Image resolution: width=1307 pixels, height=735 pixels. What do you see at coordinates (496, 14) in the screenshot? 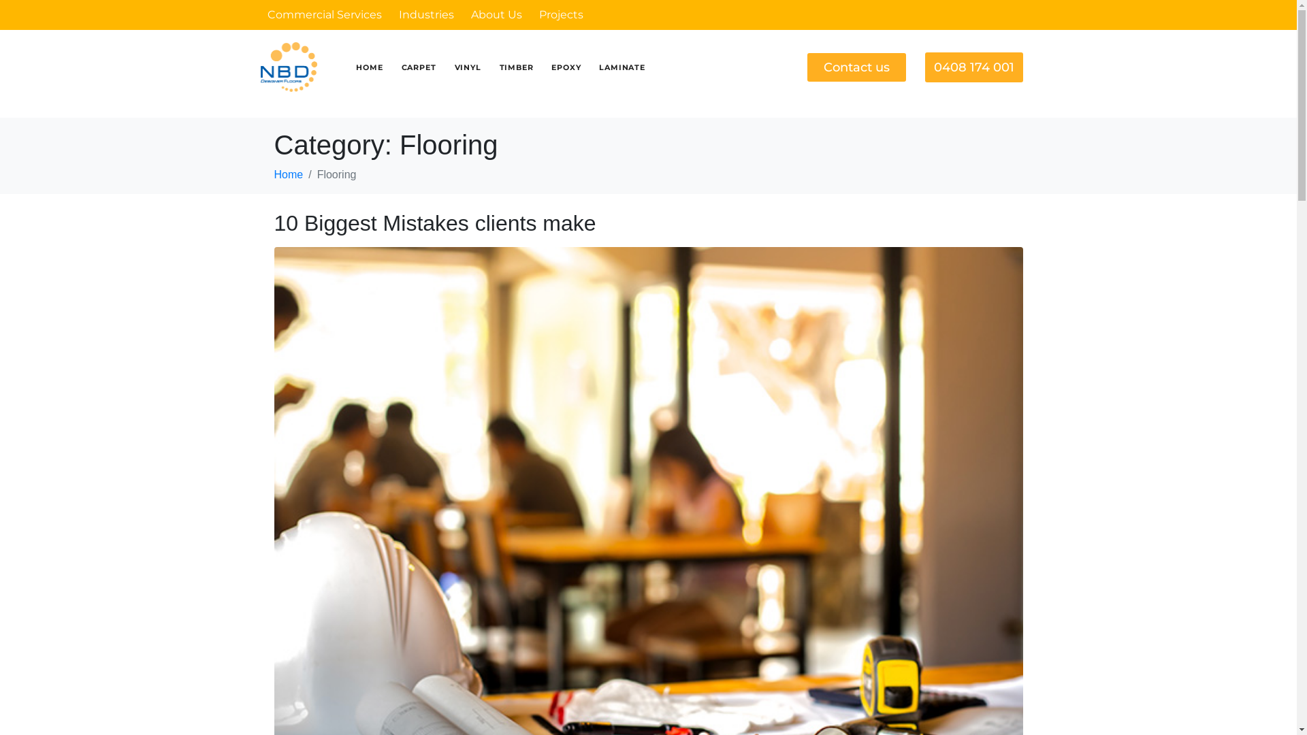
I see `'About Us'` at bounding box center [496, 14].